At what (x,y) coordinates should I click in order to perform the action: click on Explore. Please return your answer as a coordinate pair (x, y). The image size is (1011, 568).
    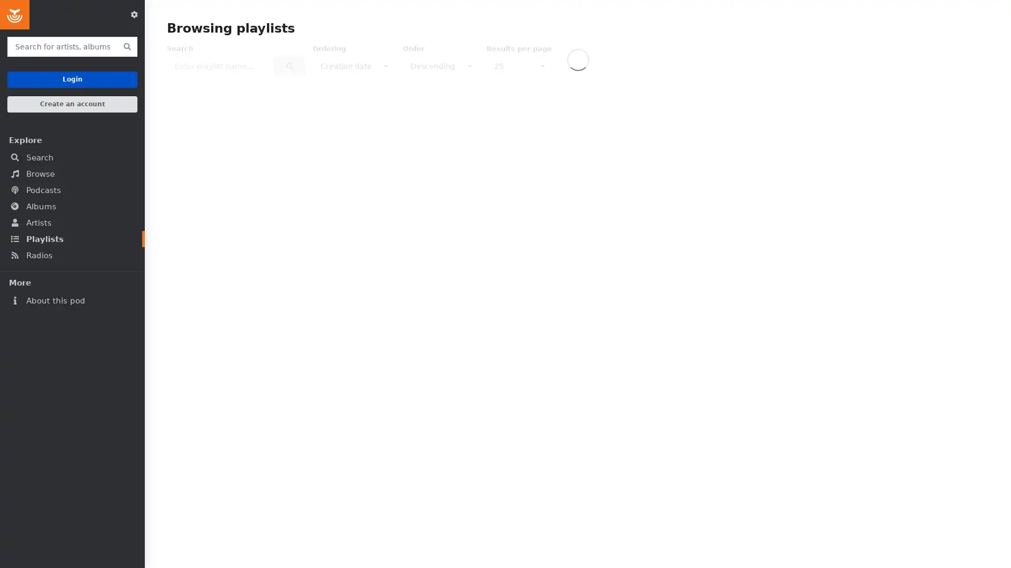
    Looking at the image, I should click on (72, 139).